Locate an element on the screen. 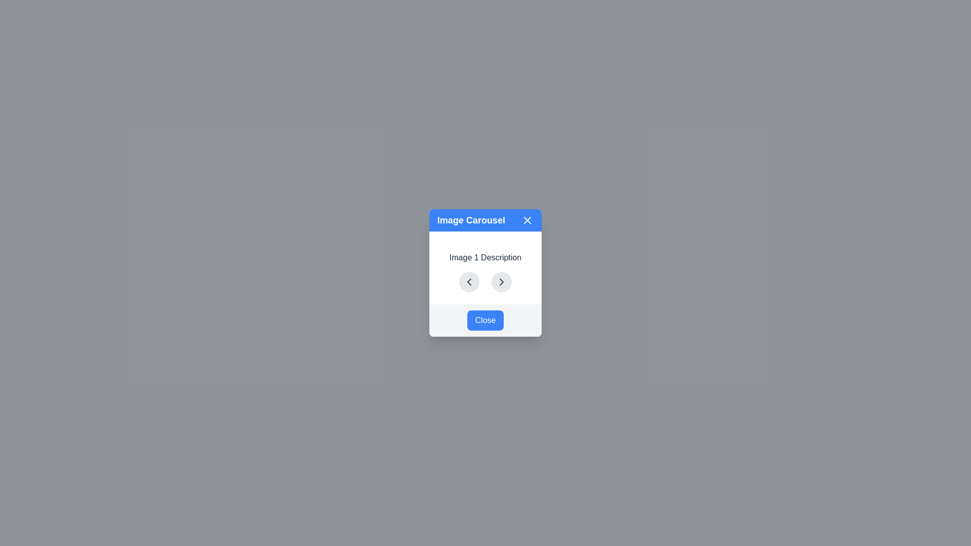 The width and height of the screenshot is (971, 546). the close button represented by an 'X' icon located in the top-right corner of the 'Image Carousel' modal dialog is located at coordinates (527, 219).